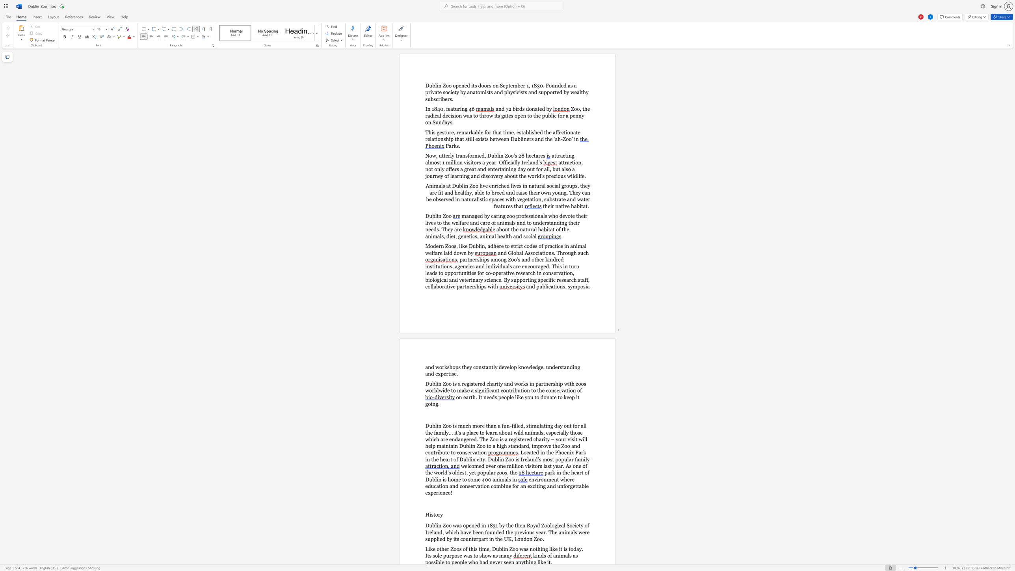  I want to click on the subset text "ic for a pe" within the text "Zoo, the radical decision was to throw its gates open to the public for a penny on Sundays.", so click(552, 115).